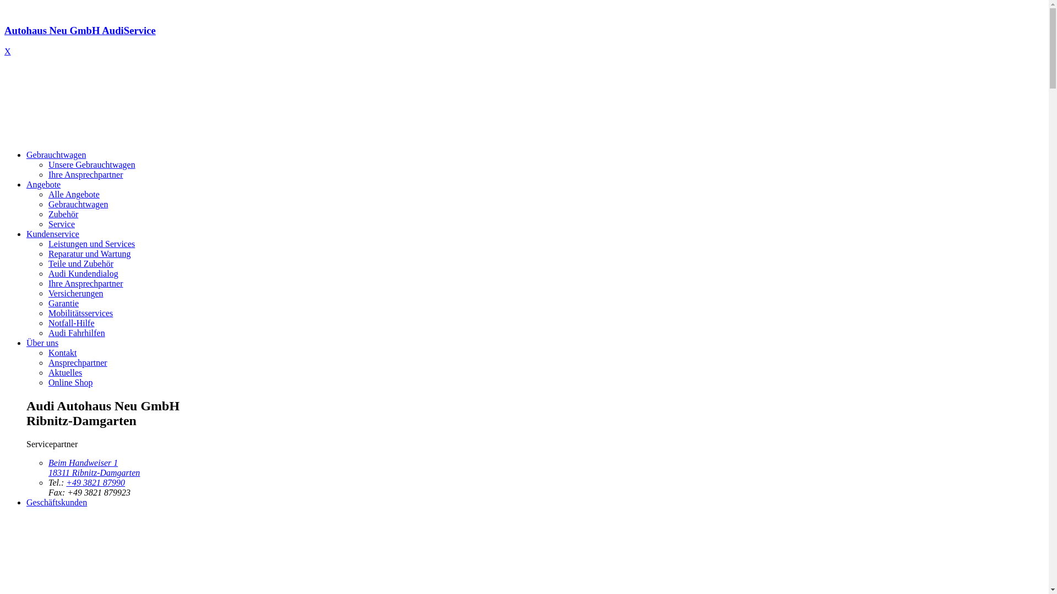 Image resolution: width=1057 pixels, height=594 pixels. Describe the element at coordinates (89, 254) in the screenshot. I see `'Reparatur und Wartung'` at that location.